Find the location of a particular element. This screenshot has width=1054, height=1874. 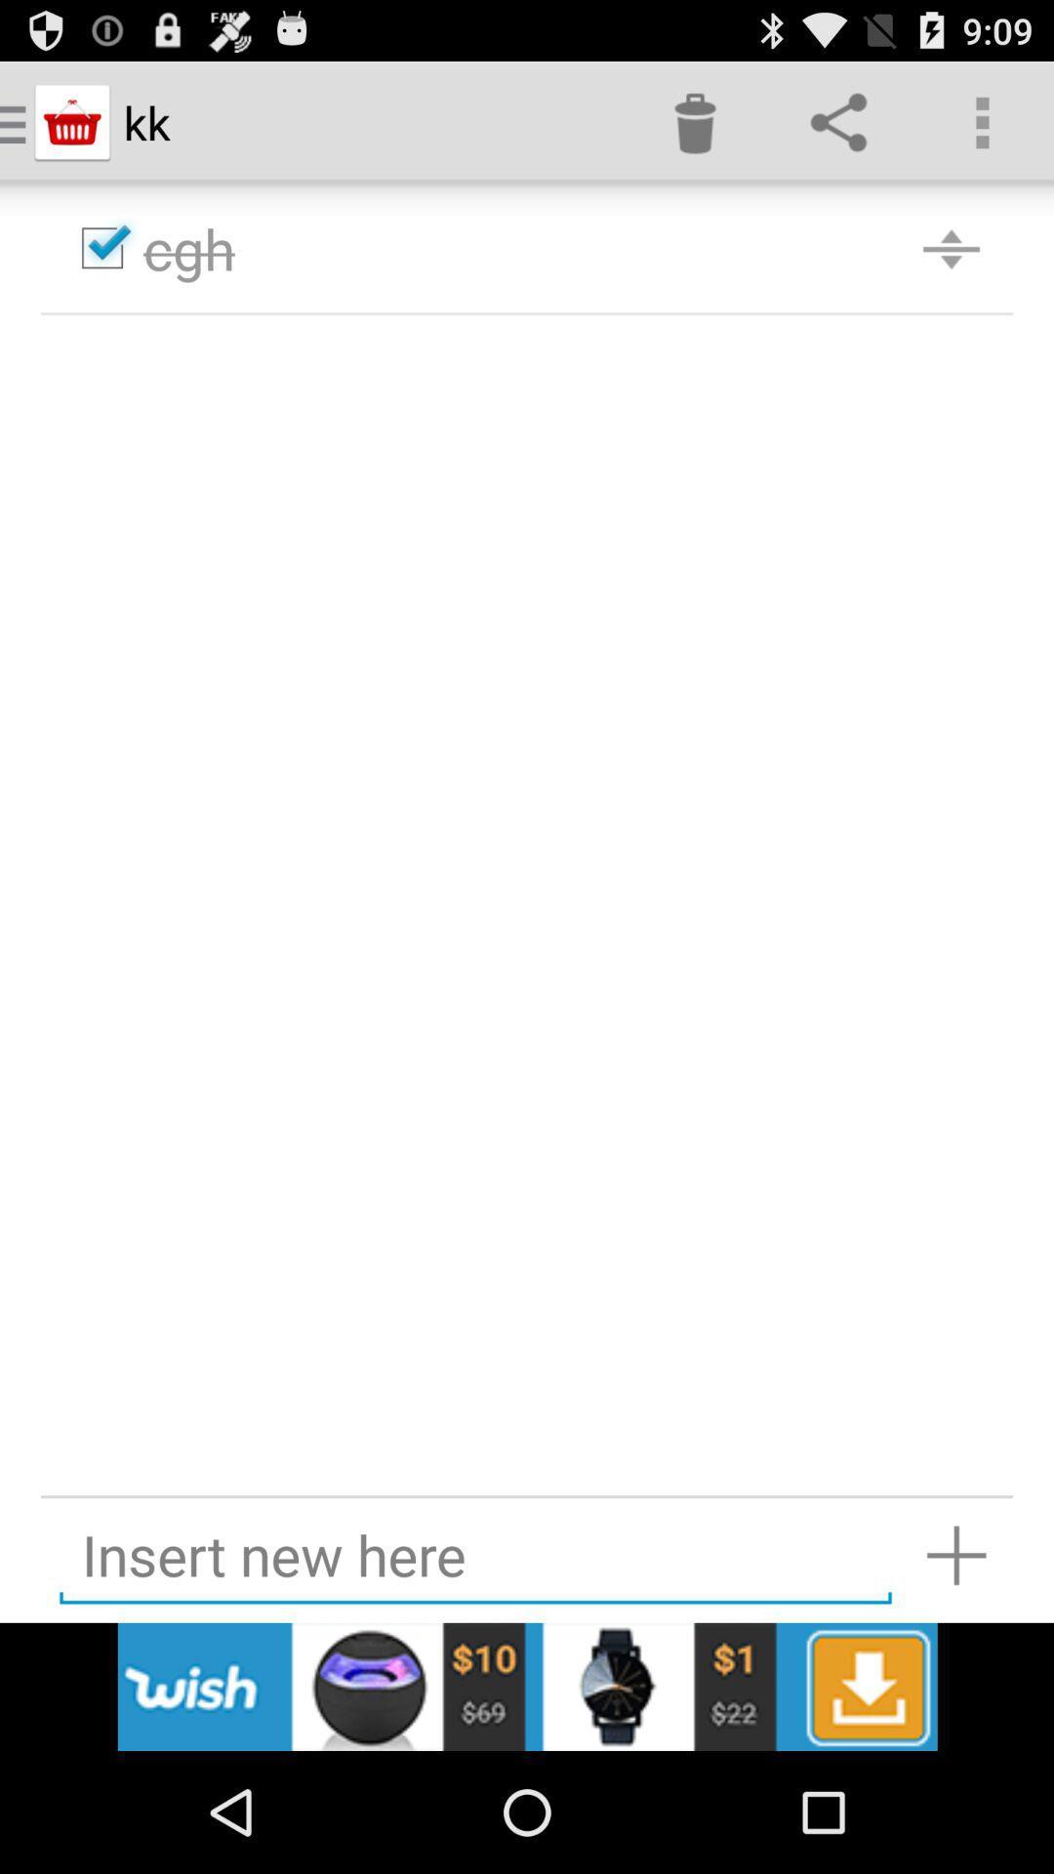

insert new is located at coordinates (475, 1554).